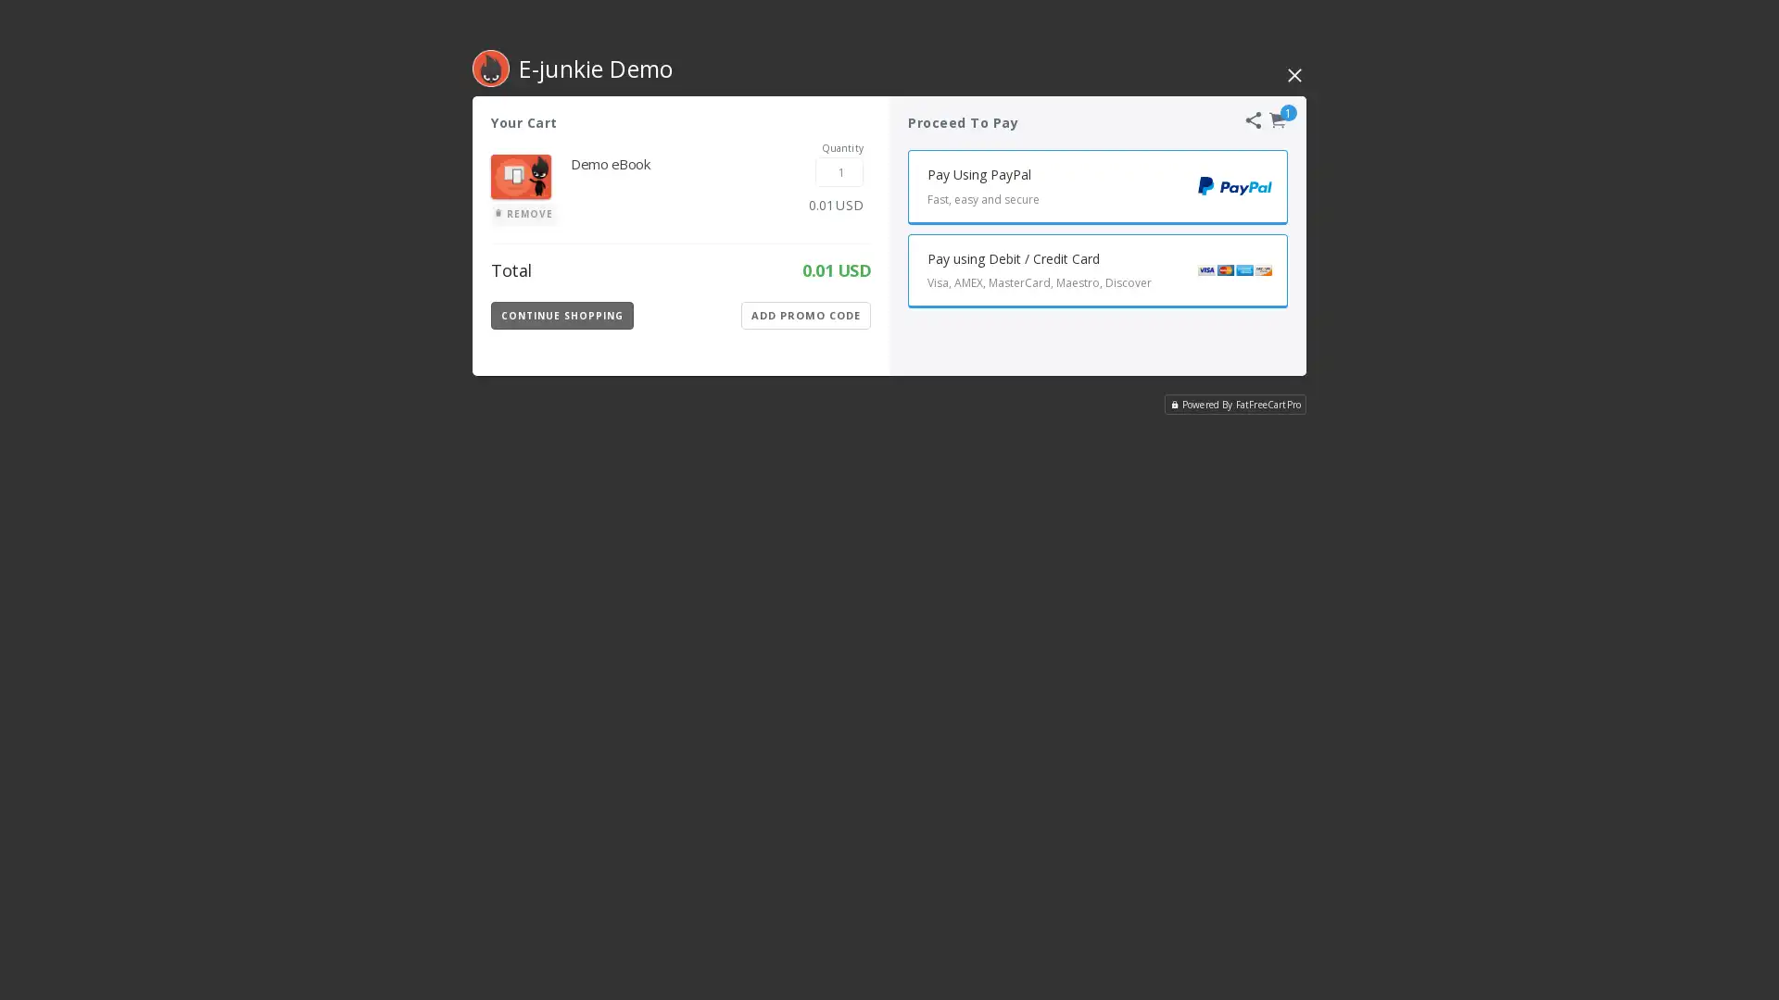  Describe the element at coordinates (561, 314) in the screenshot. I see `CONTINUE SHOPPING` at that location.